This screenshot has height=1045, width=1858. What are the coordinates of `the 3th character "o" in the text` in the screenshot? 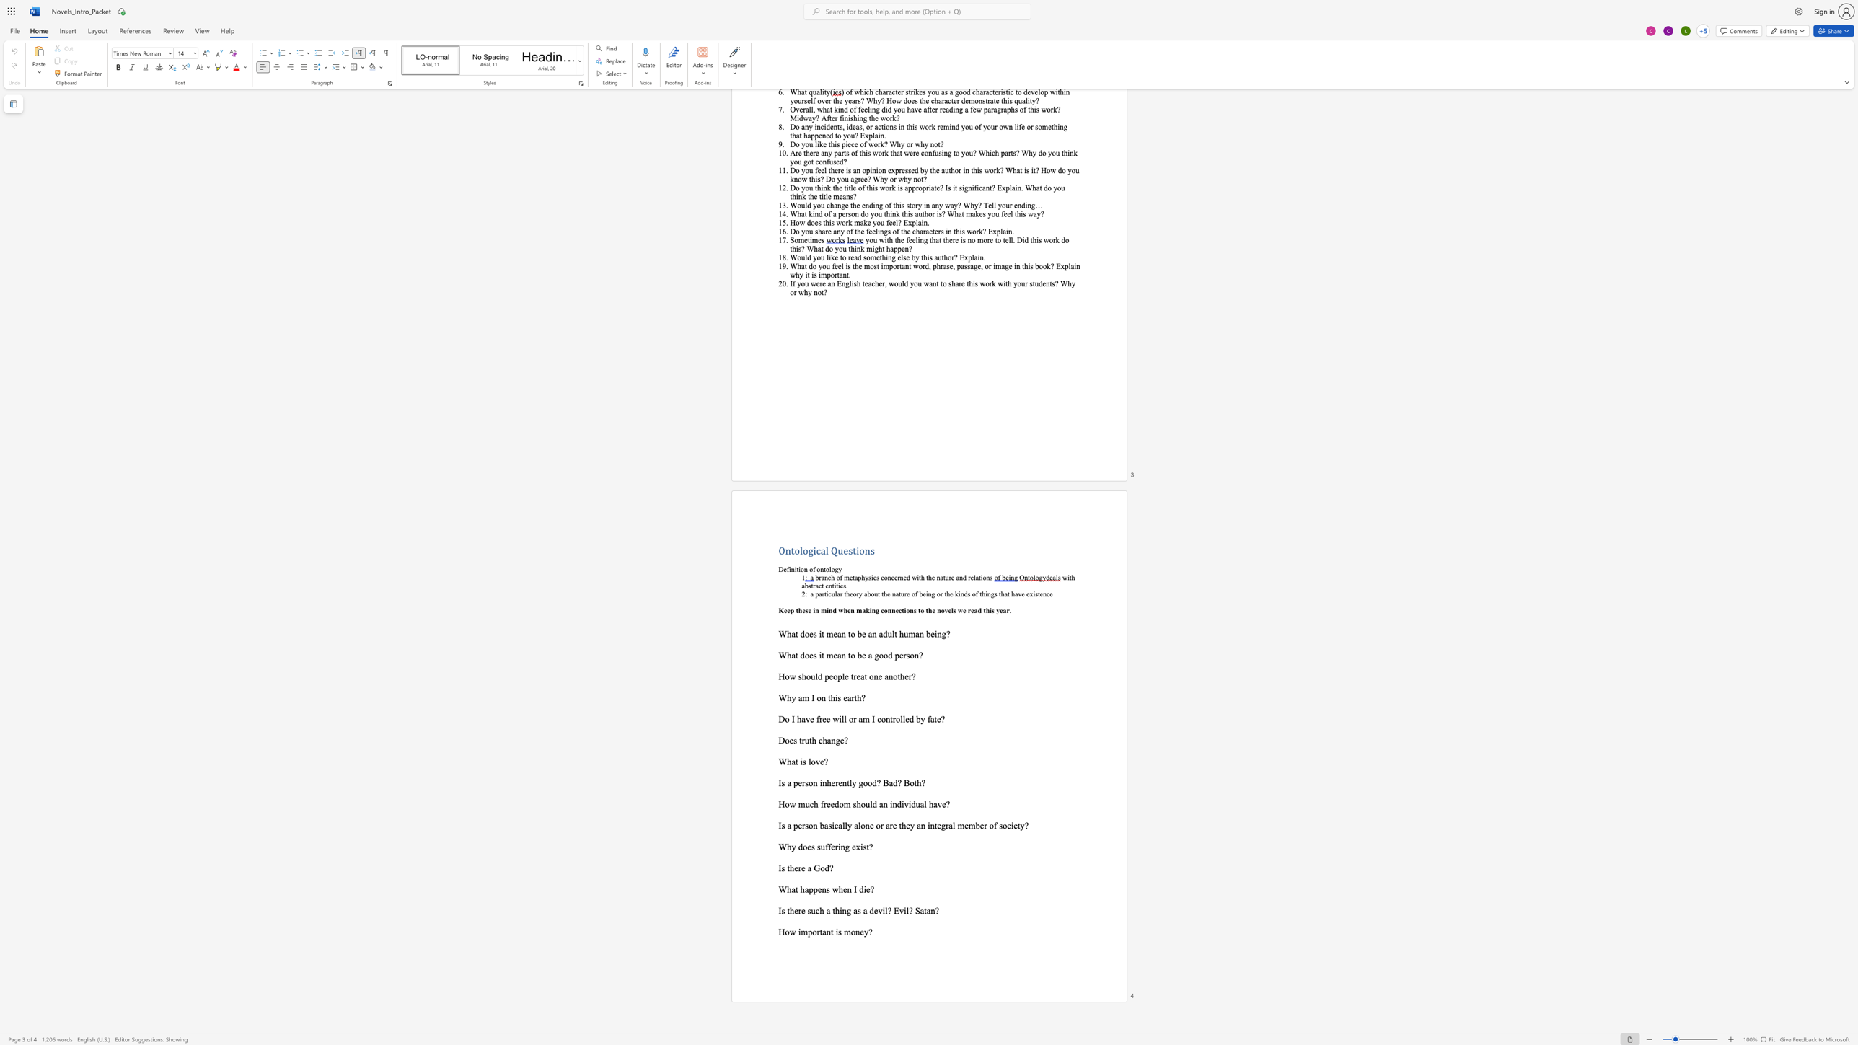 It's located at (883, 718).